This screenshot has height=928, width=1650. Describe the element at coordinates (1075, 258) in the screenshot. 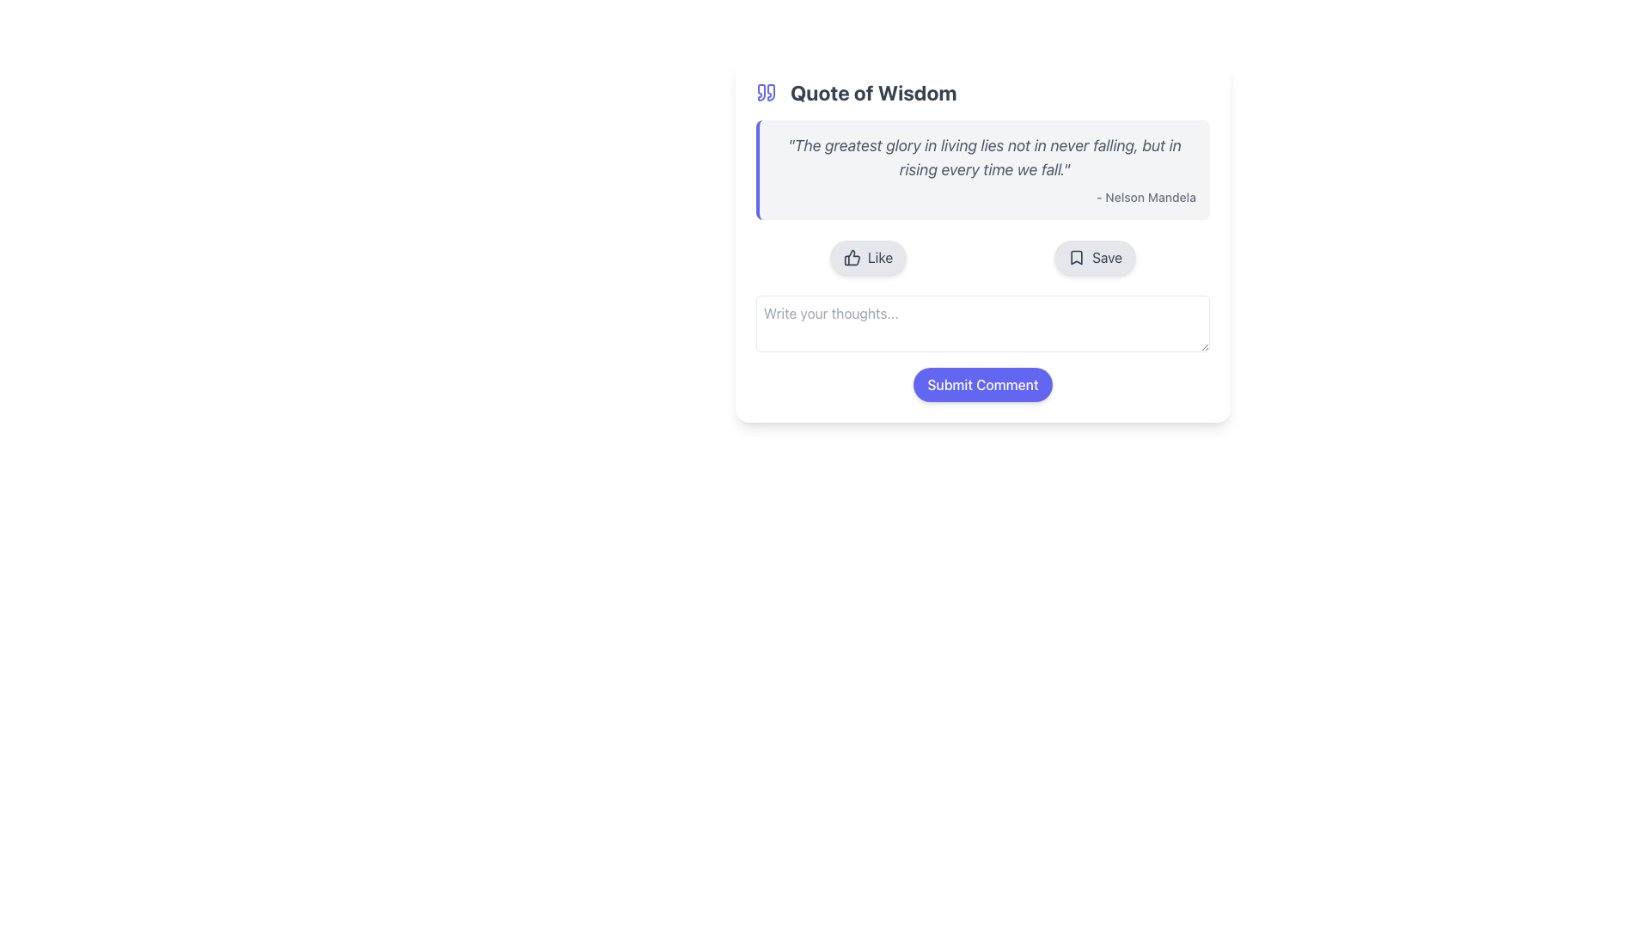

I see `the SVG Bookmark icon located in the top-right section of the user interface card` at that location.